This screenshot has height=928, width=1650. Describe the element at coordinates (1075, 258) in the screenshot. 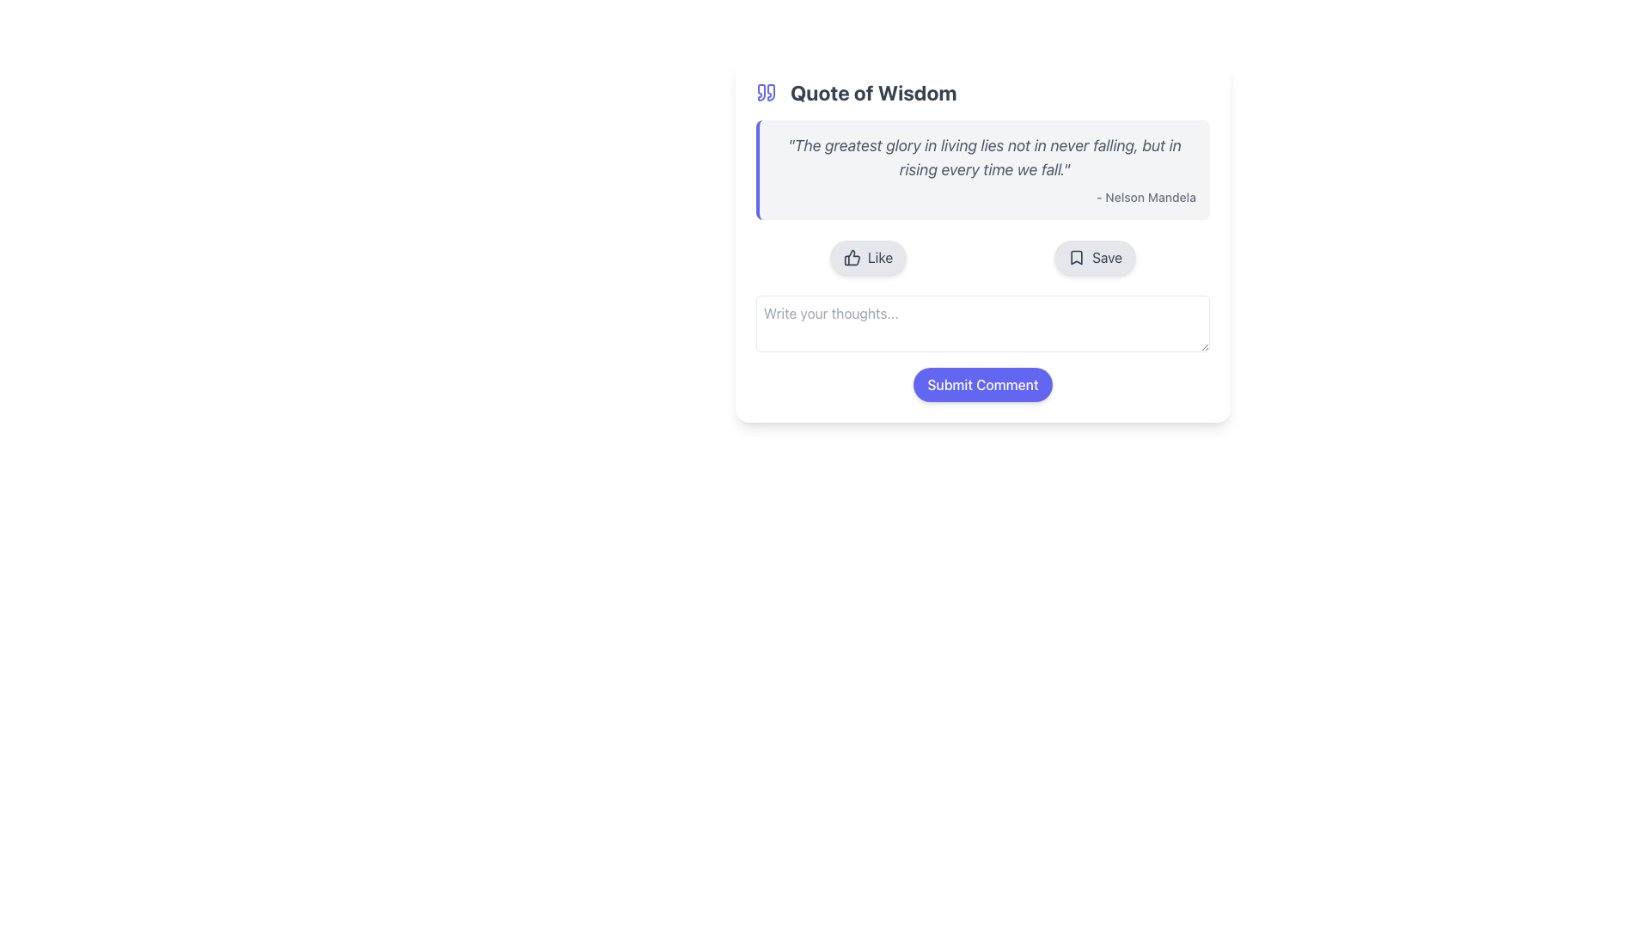

I see `the SVG Bookmark icon located in the top-right section of the user interface card` at that location.